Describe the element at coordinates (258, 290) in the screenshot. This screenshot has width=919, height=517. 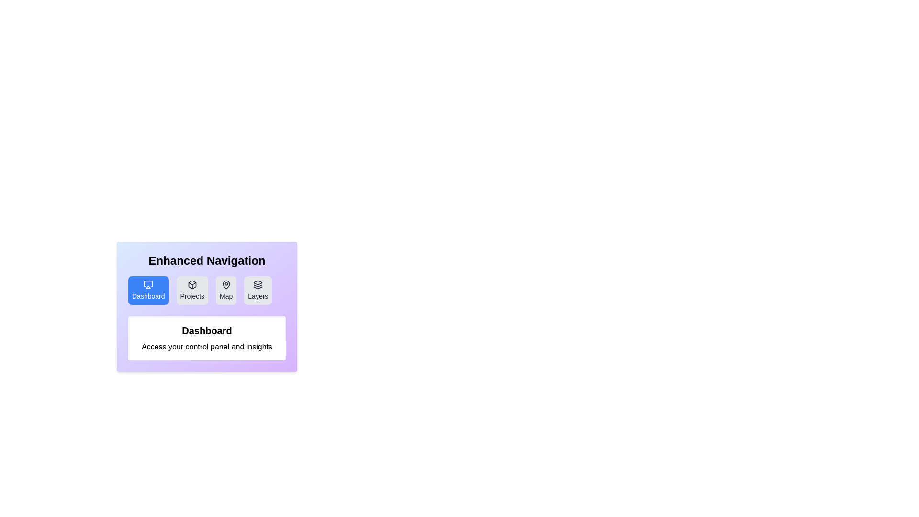
I see `the tab labeled Layers to observe its hover effect` at that location.